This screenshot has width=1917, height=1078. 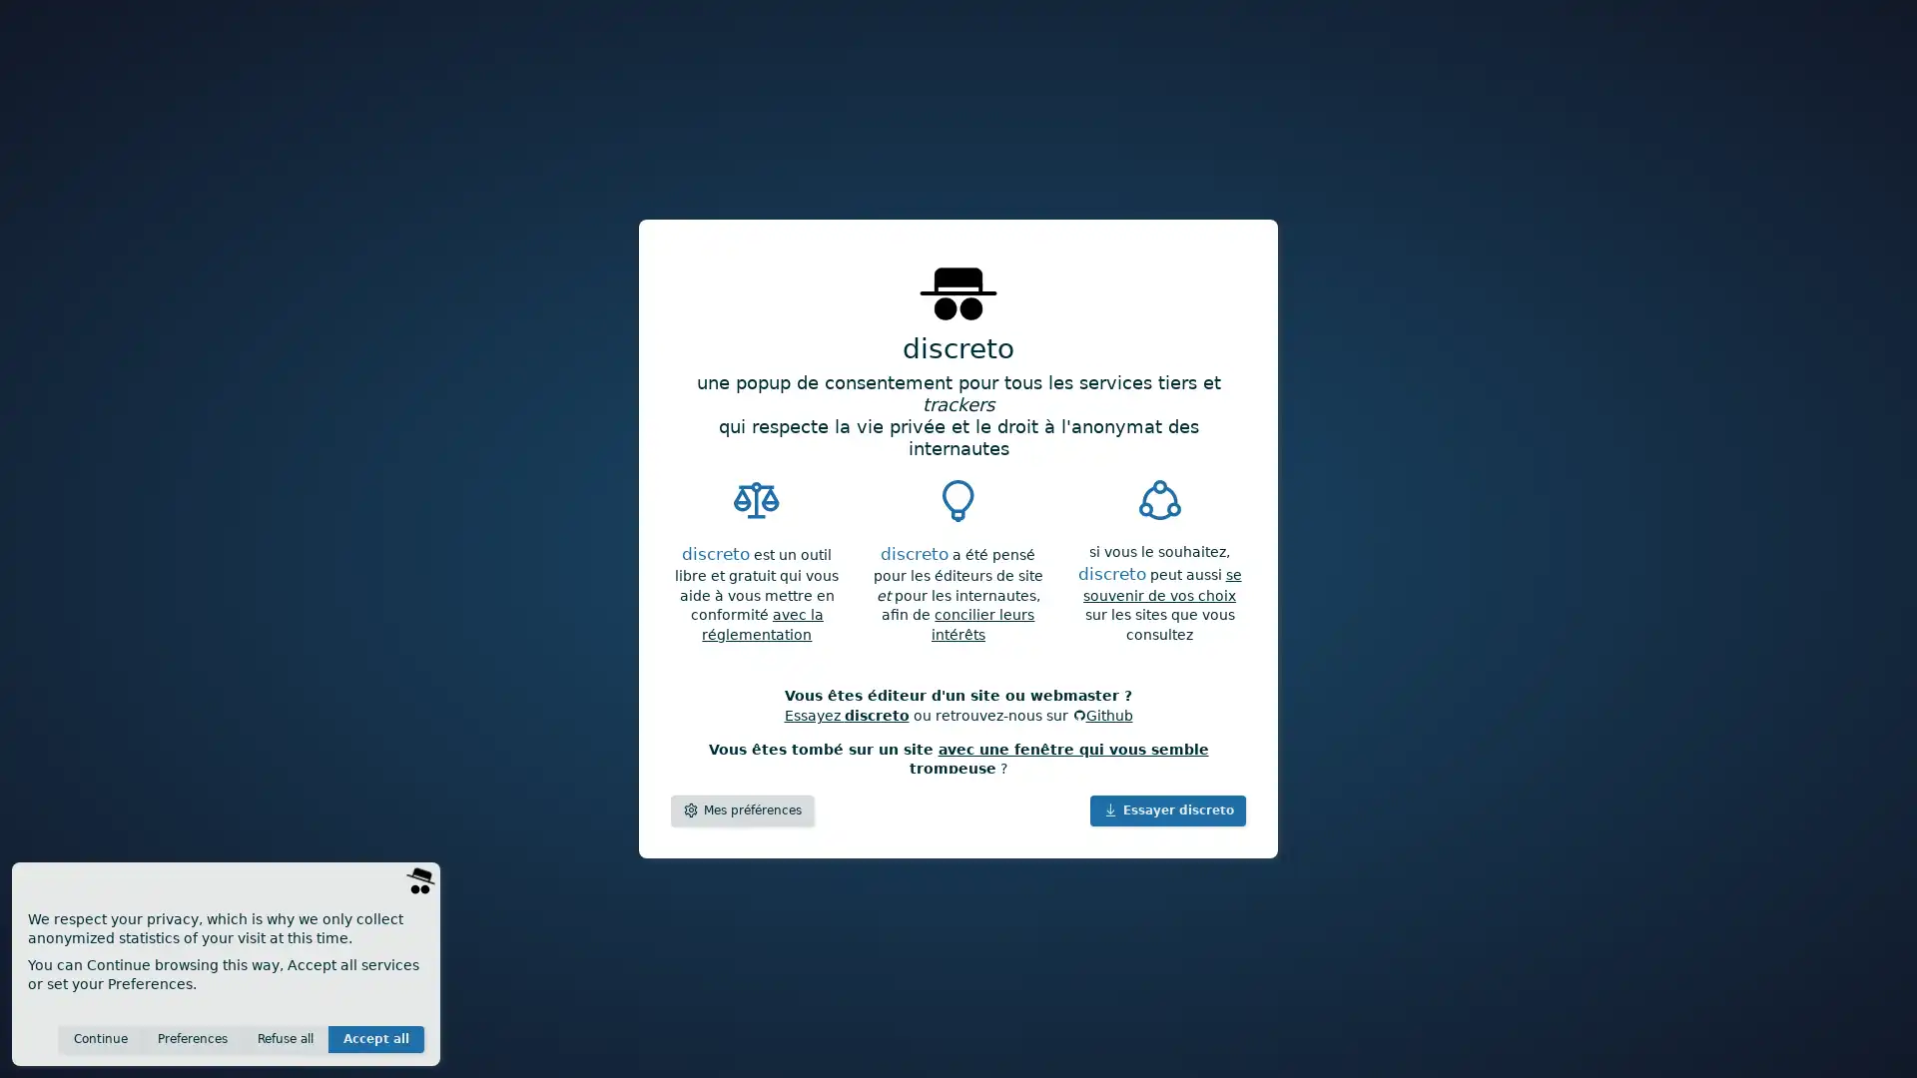 I want to click on Anonymous, so click(x=232, y=1046).